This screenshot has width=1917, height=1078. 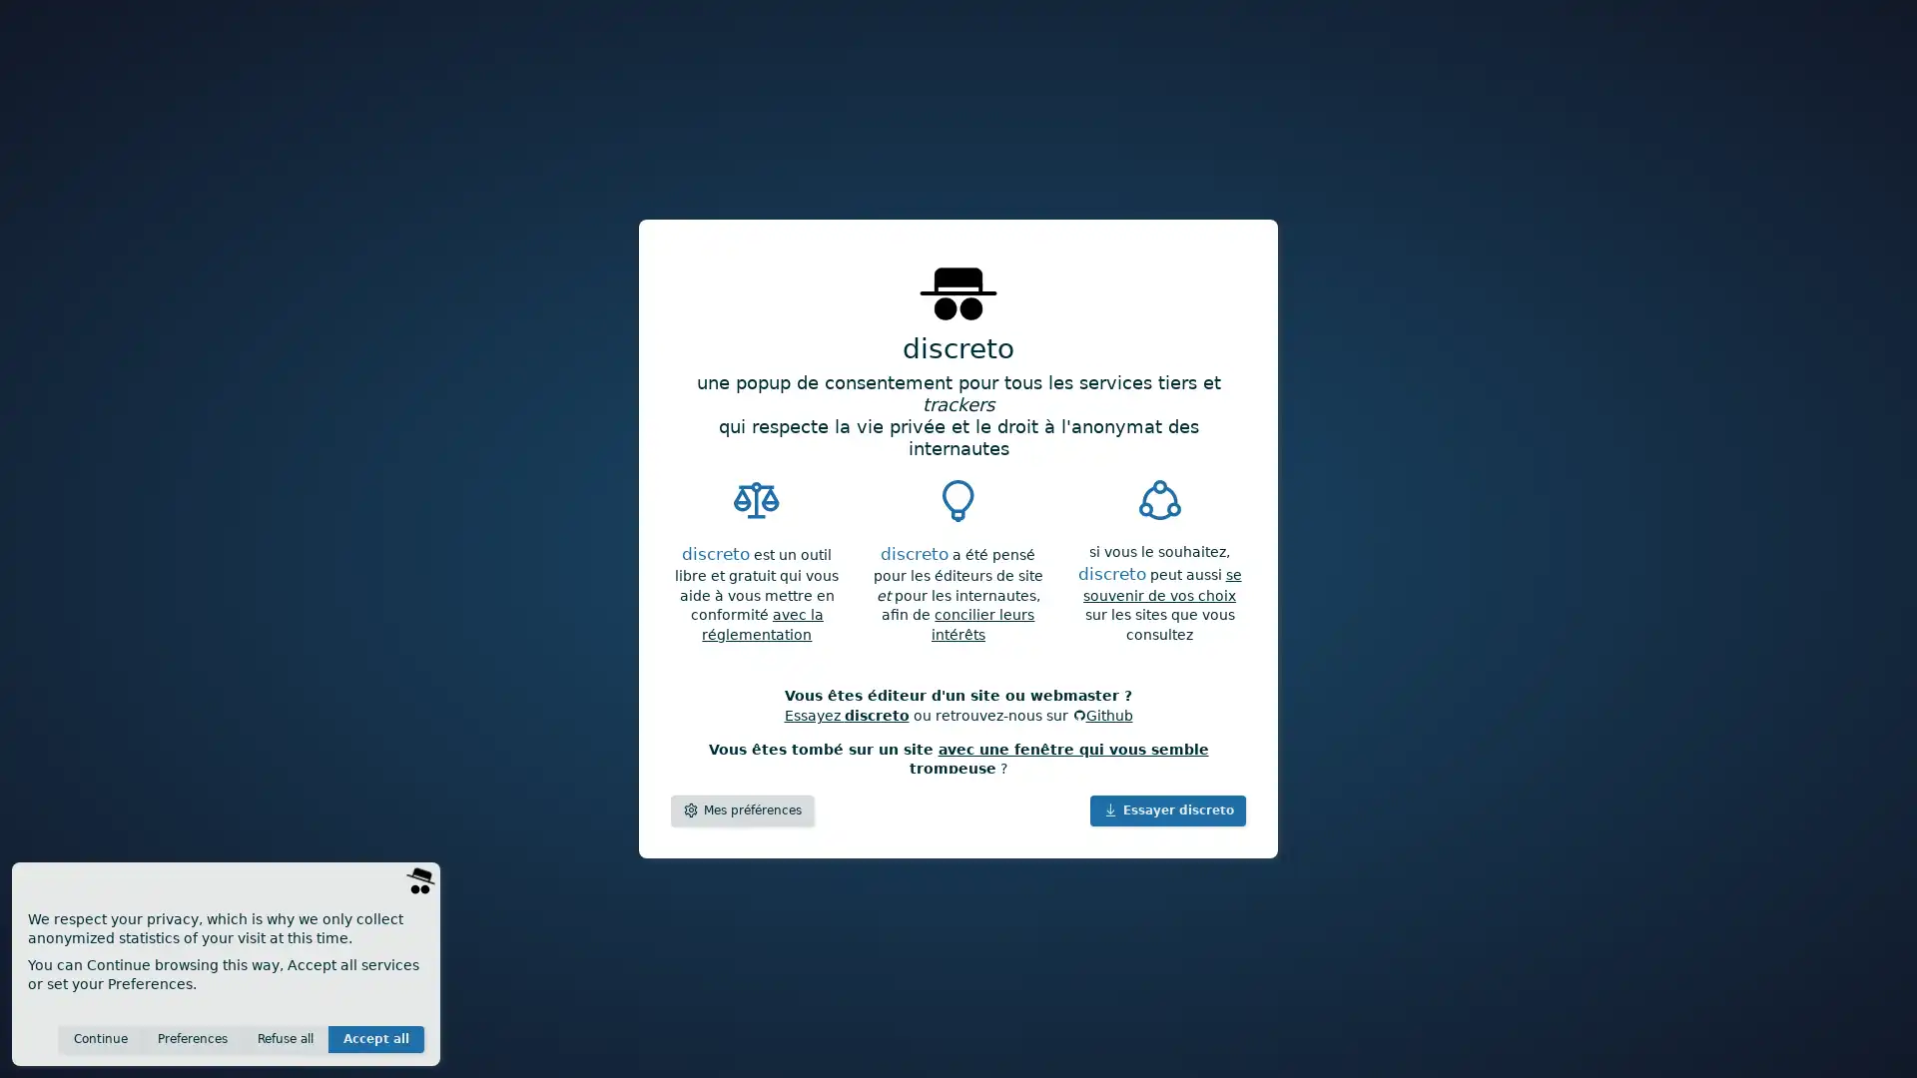 I want to click on Anonymous, so click(x=232, y=1046).